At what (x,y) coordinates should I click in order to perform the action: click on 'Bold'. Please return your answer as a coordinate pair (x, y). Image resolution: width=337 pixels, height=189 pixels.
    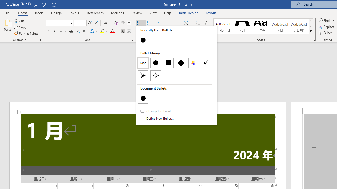
    Looking at the image, I should click on (48, 31).